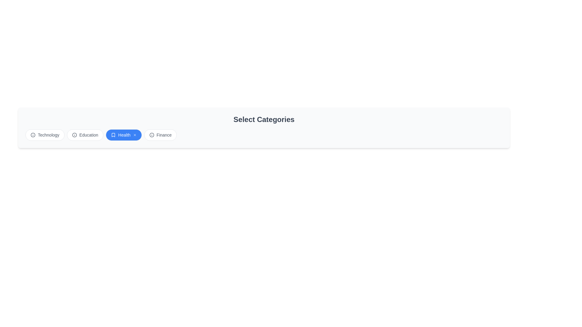 The height and width of the screenshot is (327, 582). What do you see at coordinates (123, 135) in the screenshot?
I see `the chip labeled 'Health' to observe its hover state` at bounding box center [123, 135].